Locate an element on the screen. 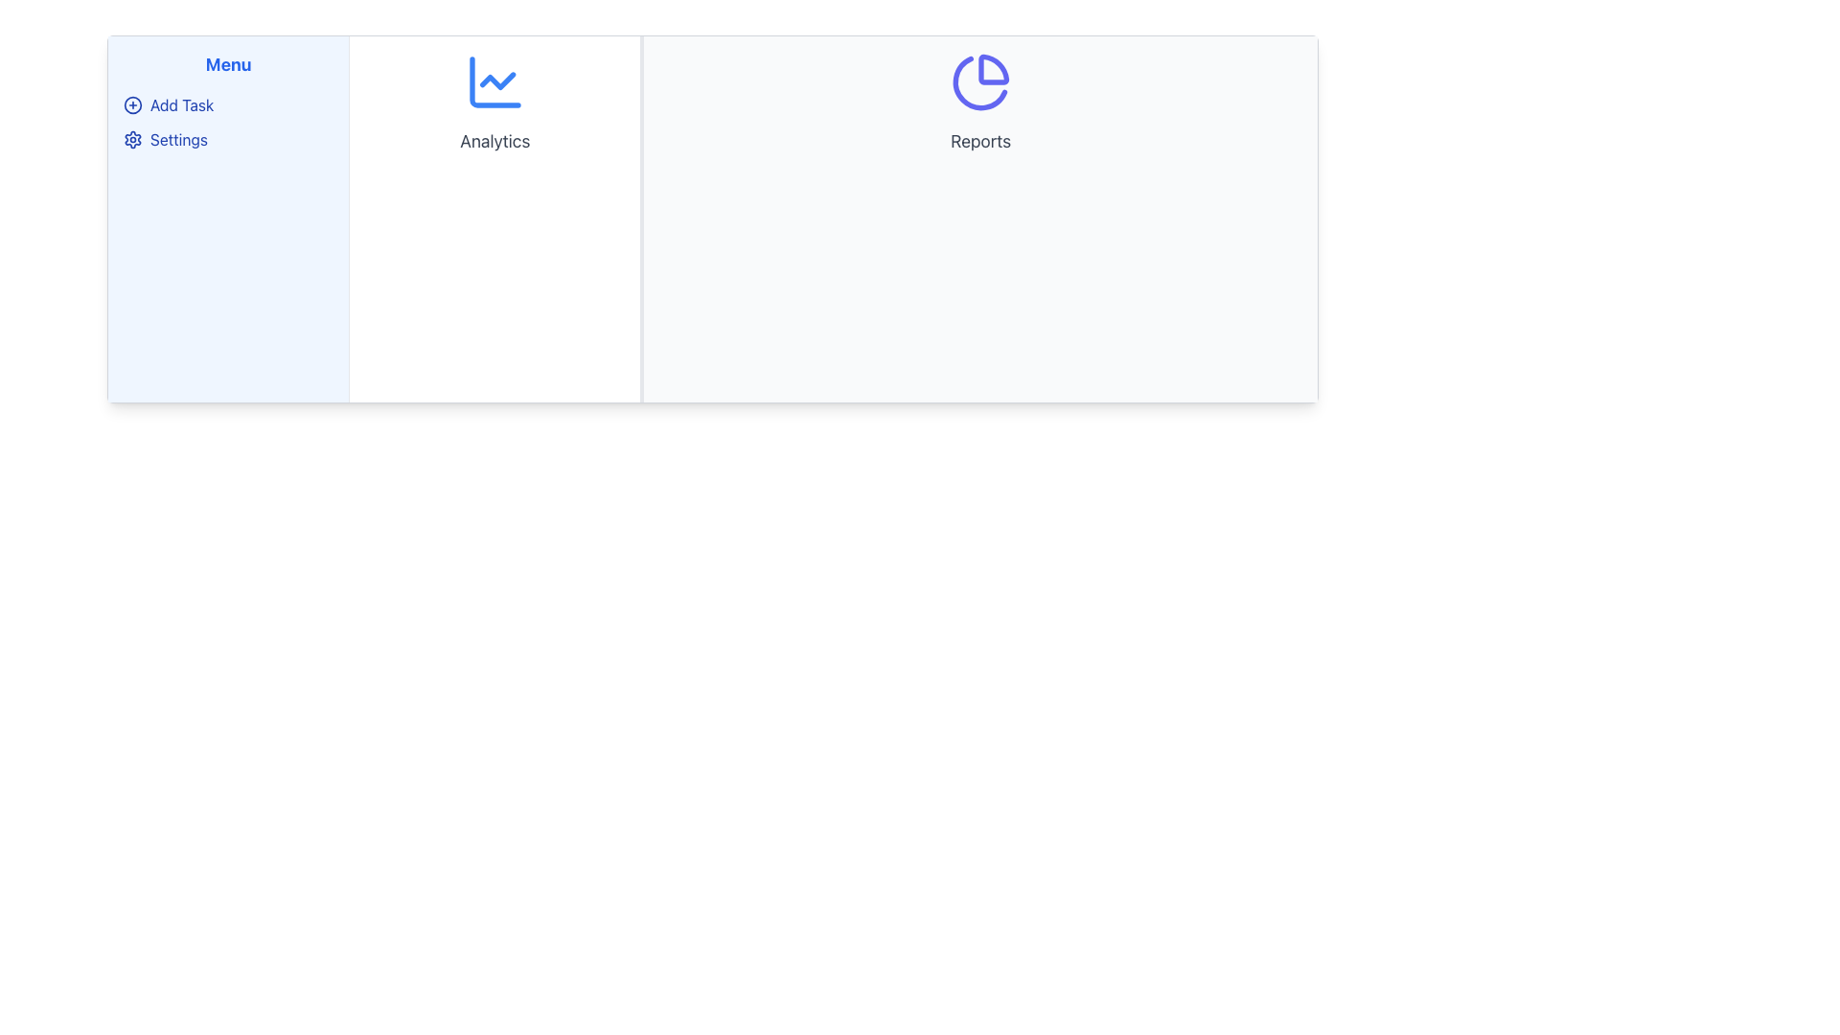 This screenshot has height=1035, width=1840. the second segment of the pie chart icon in the 'Reports' section, which serves as a decorative graphic component is located at coordinates (979, 82).